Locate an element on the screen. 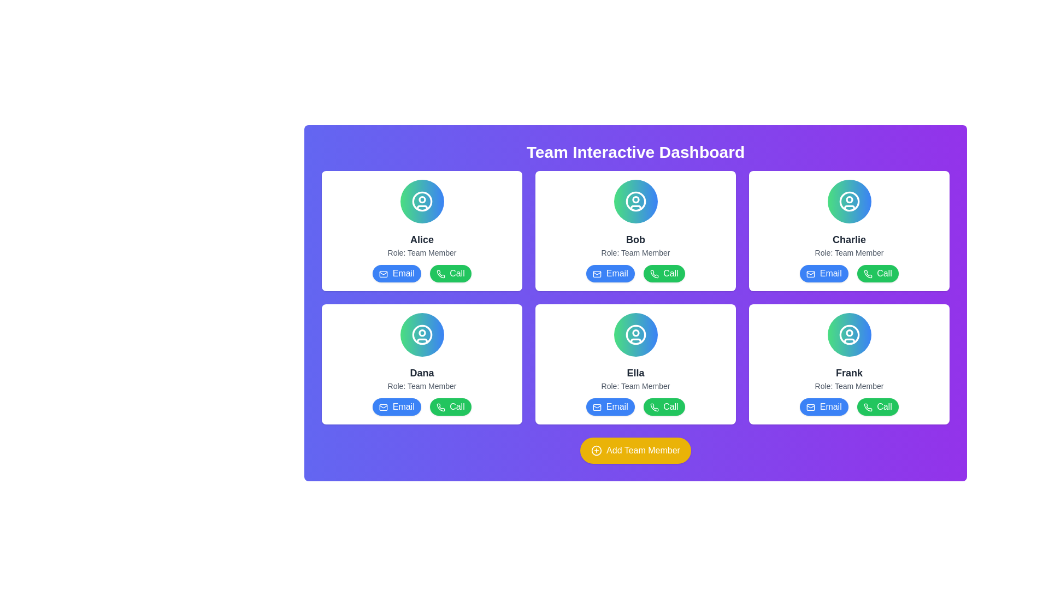 This screenshot has height=590, width=1049. the phone icon with a green background and white outlines, located next to the 'Call' text on the button in the 'Bob' information card is located at coordinates (654, 273).